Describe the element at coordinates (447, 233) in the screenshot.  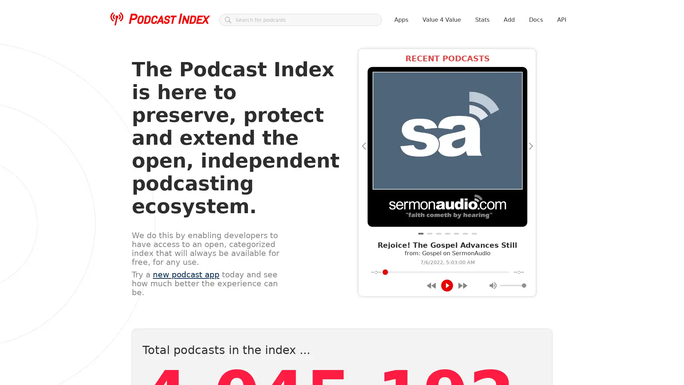
I see `133 je vindt leeftijd een issue nu je zwanger wilt worden` at that location.